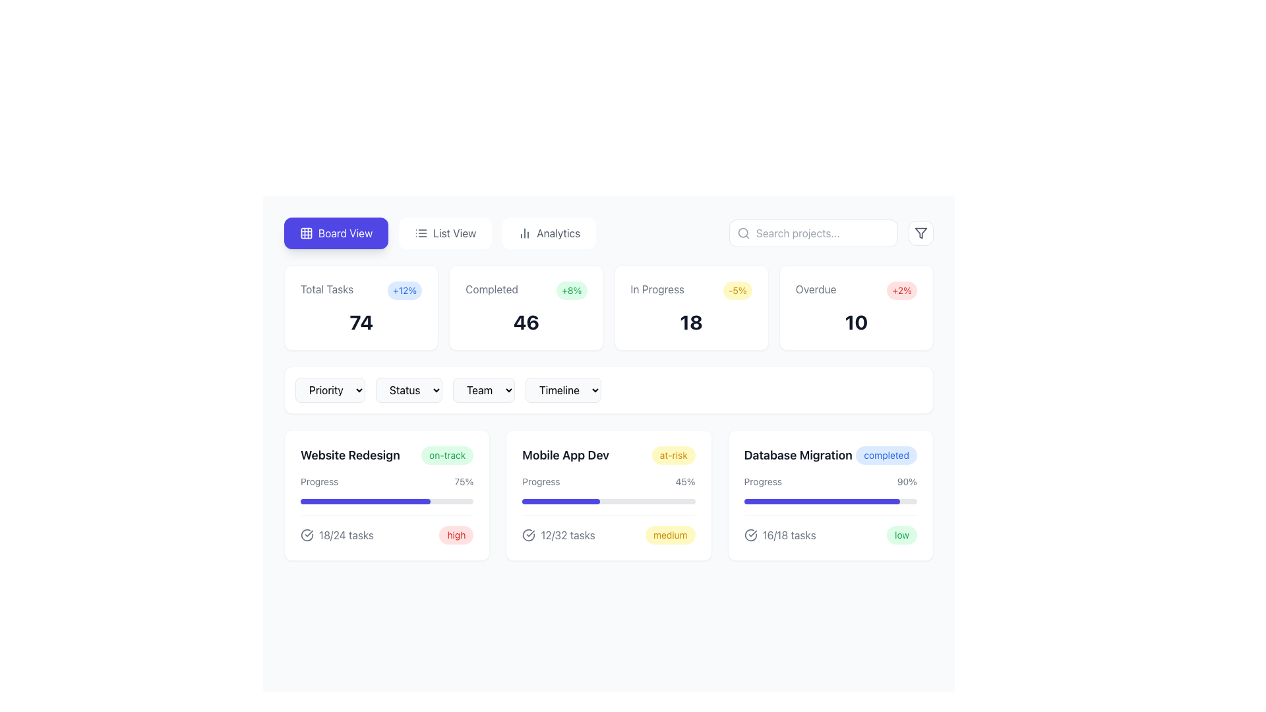 This screenshot has height=712, width=1266. What do you see at coordinates (815, 289) in the screenshot?
I see `the 'Overdue' text label located at the top right section of the dashboard interface, which indicates the status of tasks or items` at bounding box center [815, 289].